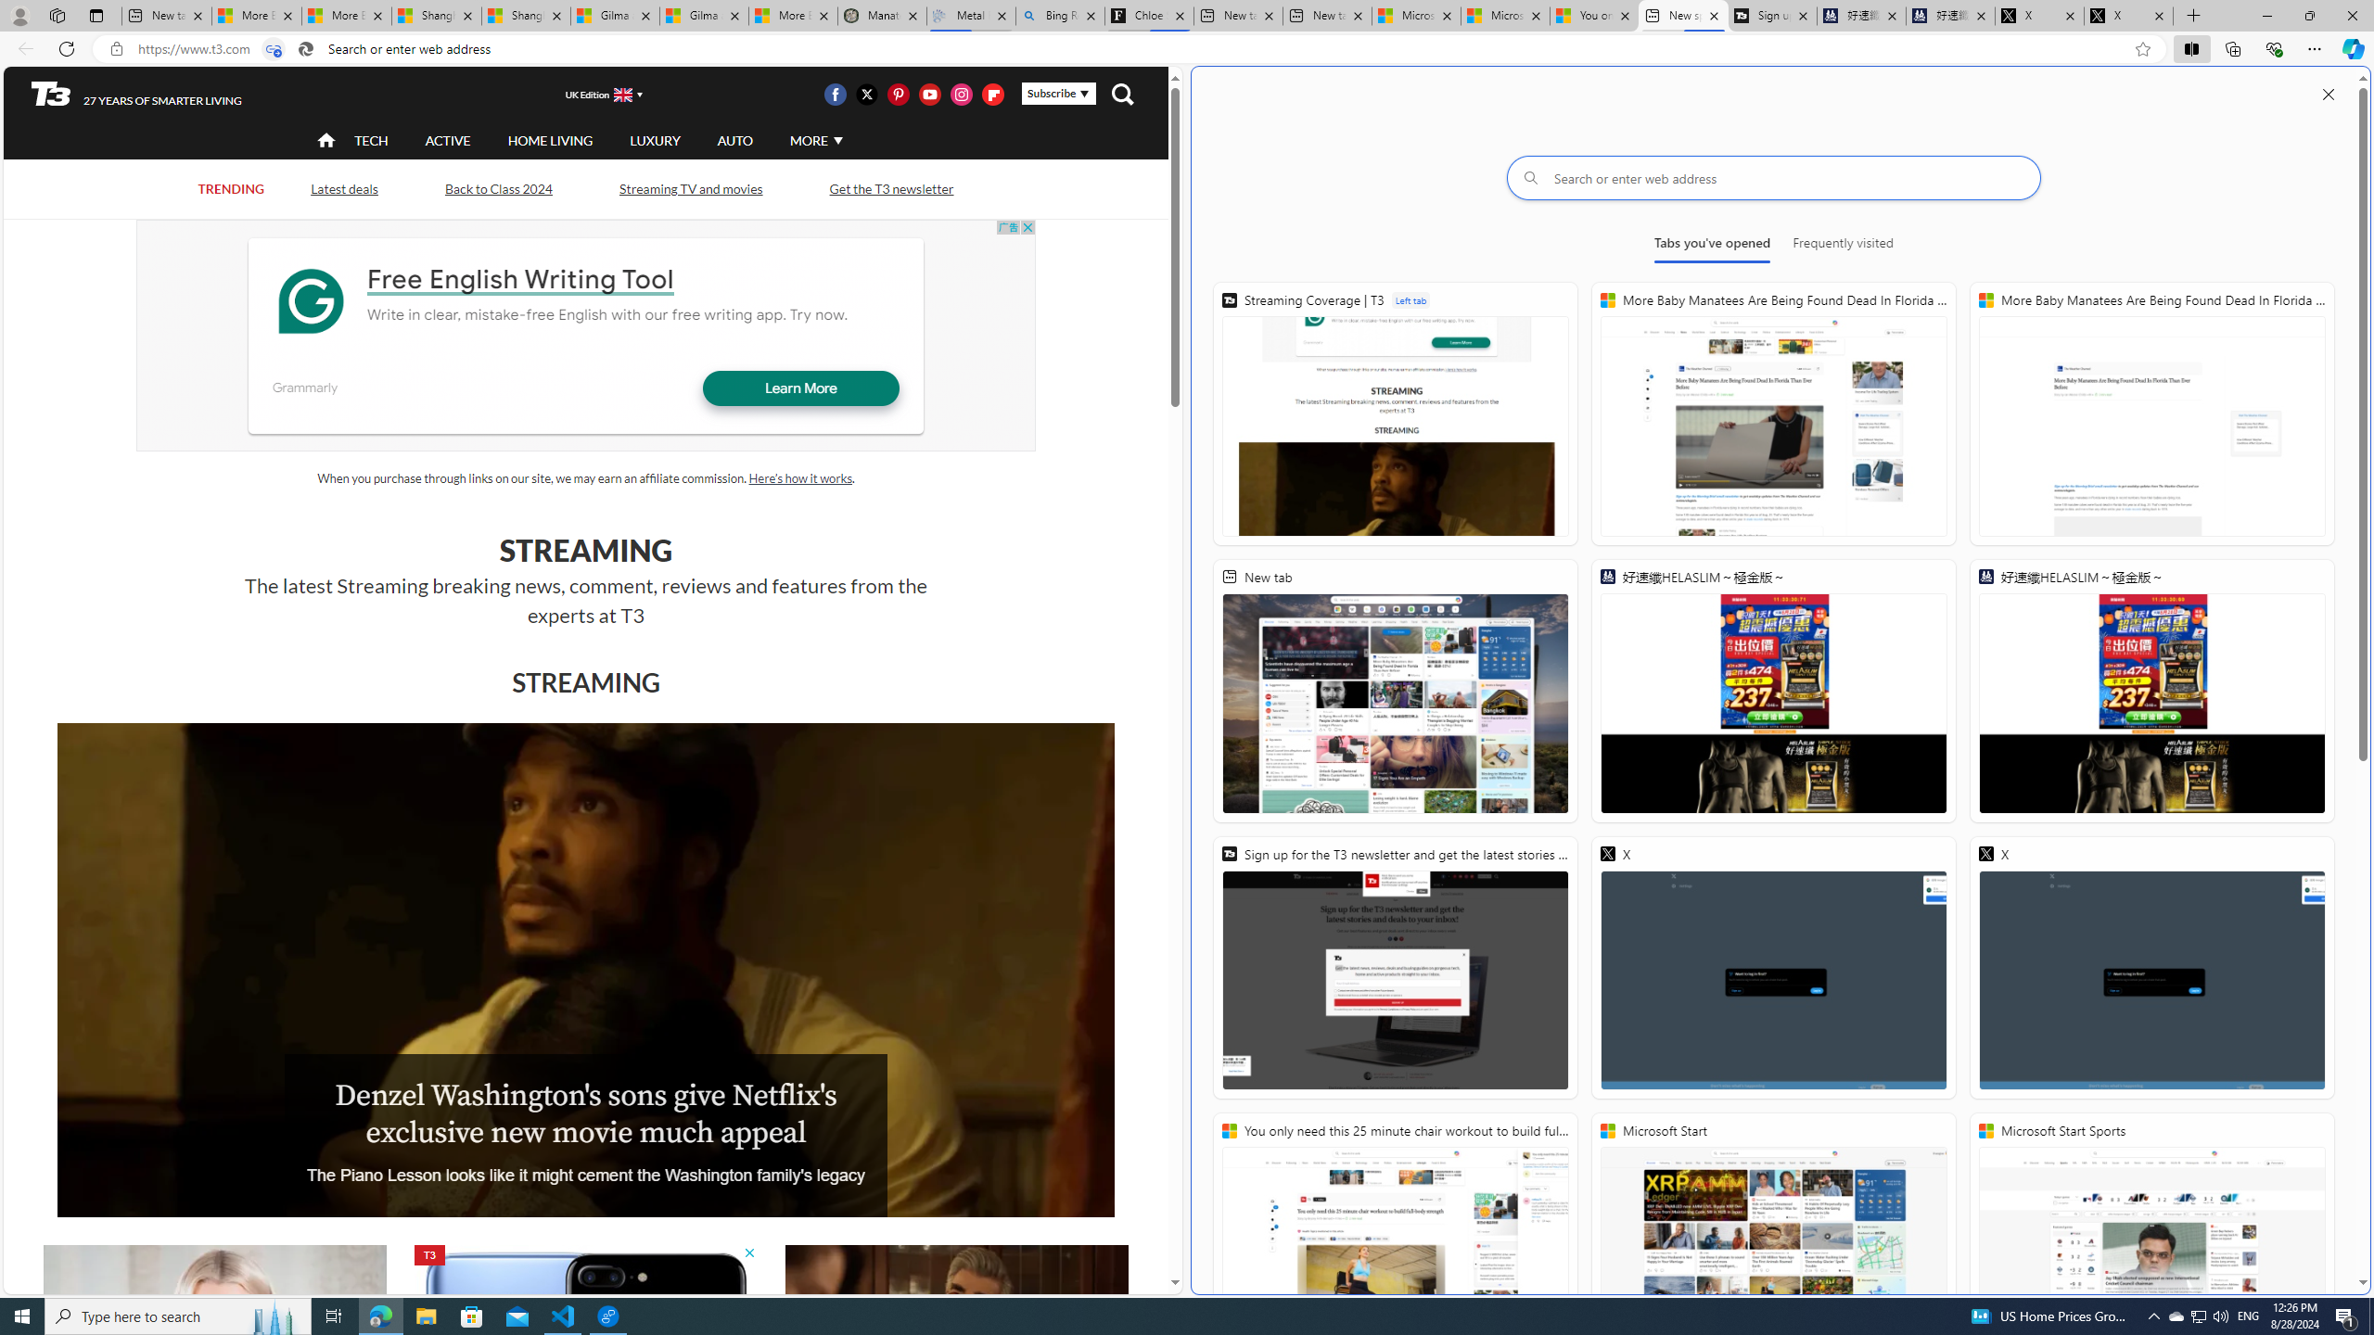 The image size is (2374, 1335). Describe the element at coordinates (891, 187) in the screenshot. I see `'Get the T3 newsletter'` at that location.